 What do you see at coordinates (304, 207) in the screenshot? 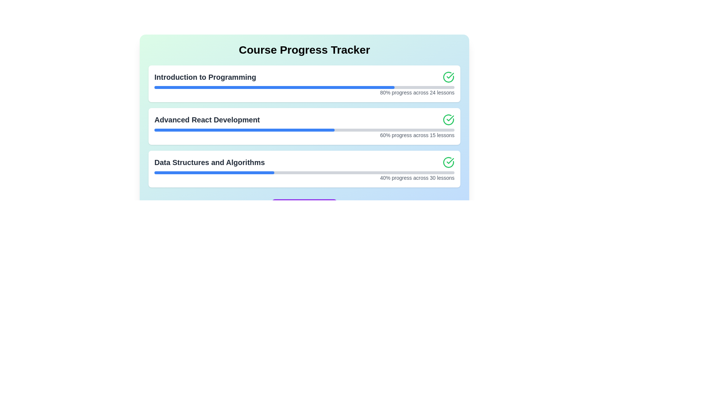
I see `the 'Add Course' button in the 'Course Progress Tracker' interface` at bounding box center [304, 207].